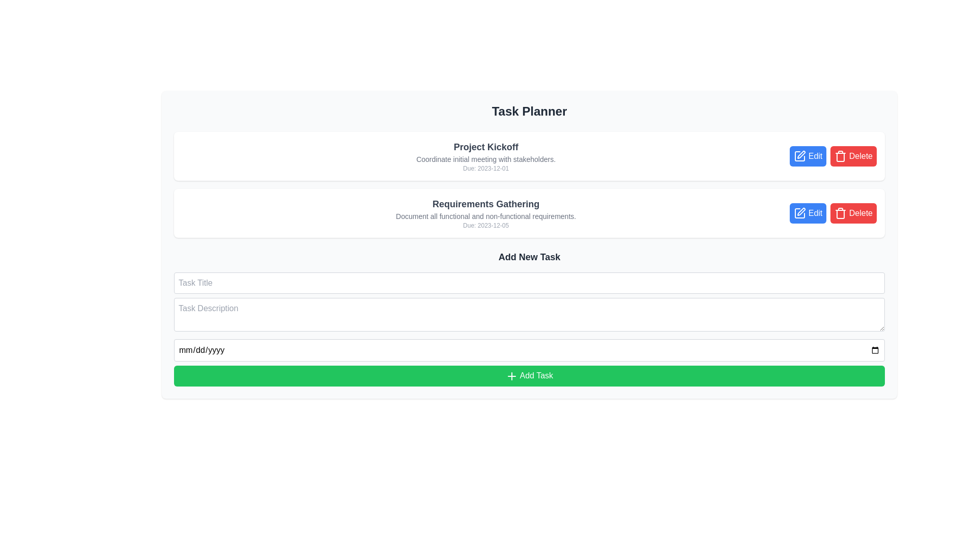 This screenshot has height=550, width=977. What do you see at coordinates (485, 215) in the screenshot?
I see `the text display element that contains the text 'Document all functional and non-functional requirements.' which is located below the title 'Requirements Gathering' and above the due date 'Due: 2023-12-05'` at bounding box center [485, 215].